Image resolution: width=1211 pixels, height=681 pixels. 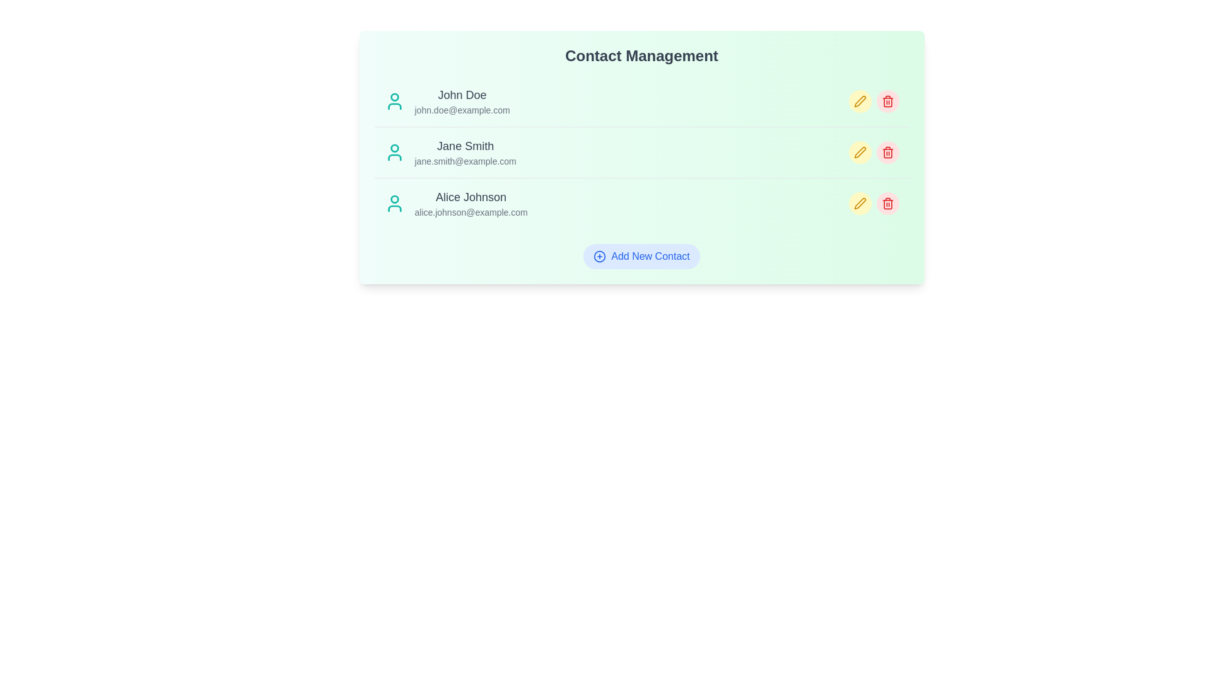 What do you see at coordinates (887, 101) in the screenshot?
I see `delete icon next to the contact with name John Doe` at bounding box center [887, 101].